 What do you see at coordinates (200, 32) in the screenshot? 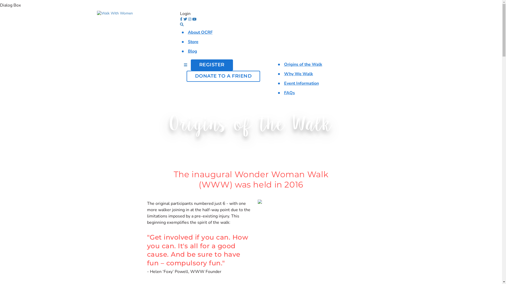
I see `'About OCRF'` at bounding box center [200, 32].